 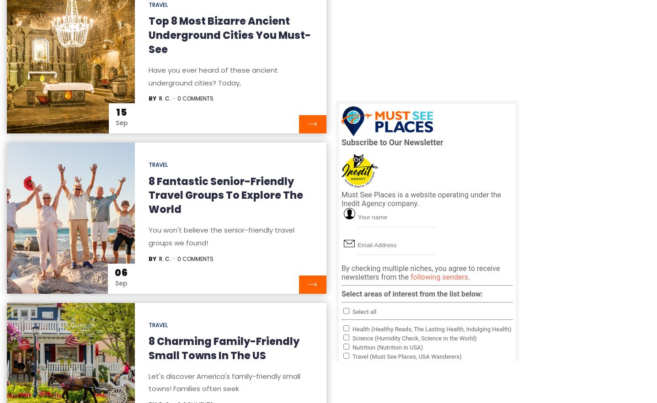 I want to click on 'Have you ever heard of these ancient underground cities? Today,', so click(x=213, y=75).